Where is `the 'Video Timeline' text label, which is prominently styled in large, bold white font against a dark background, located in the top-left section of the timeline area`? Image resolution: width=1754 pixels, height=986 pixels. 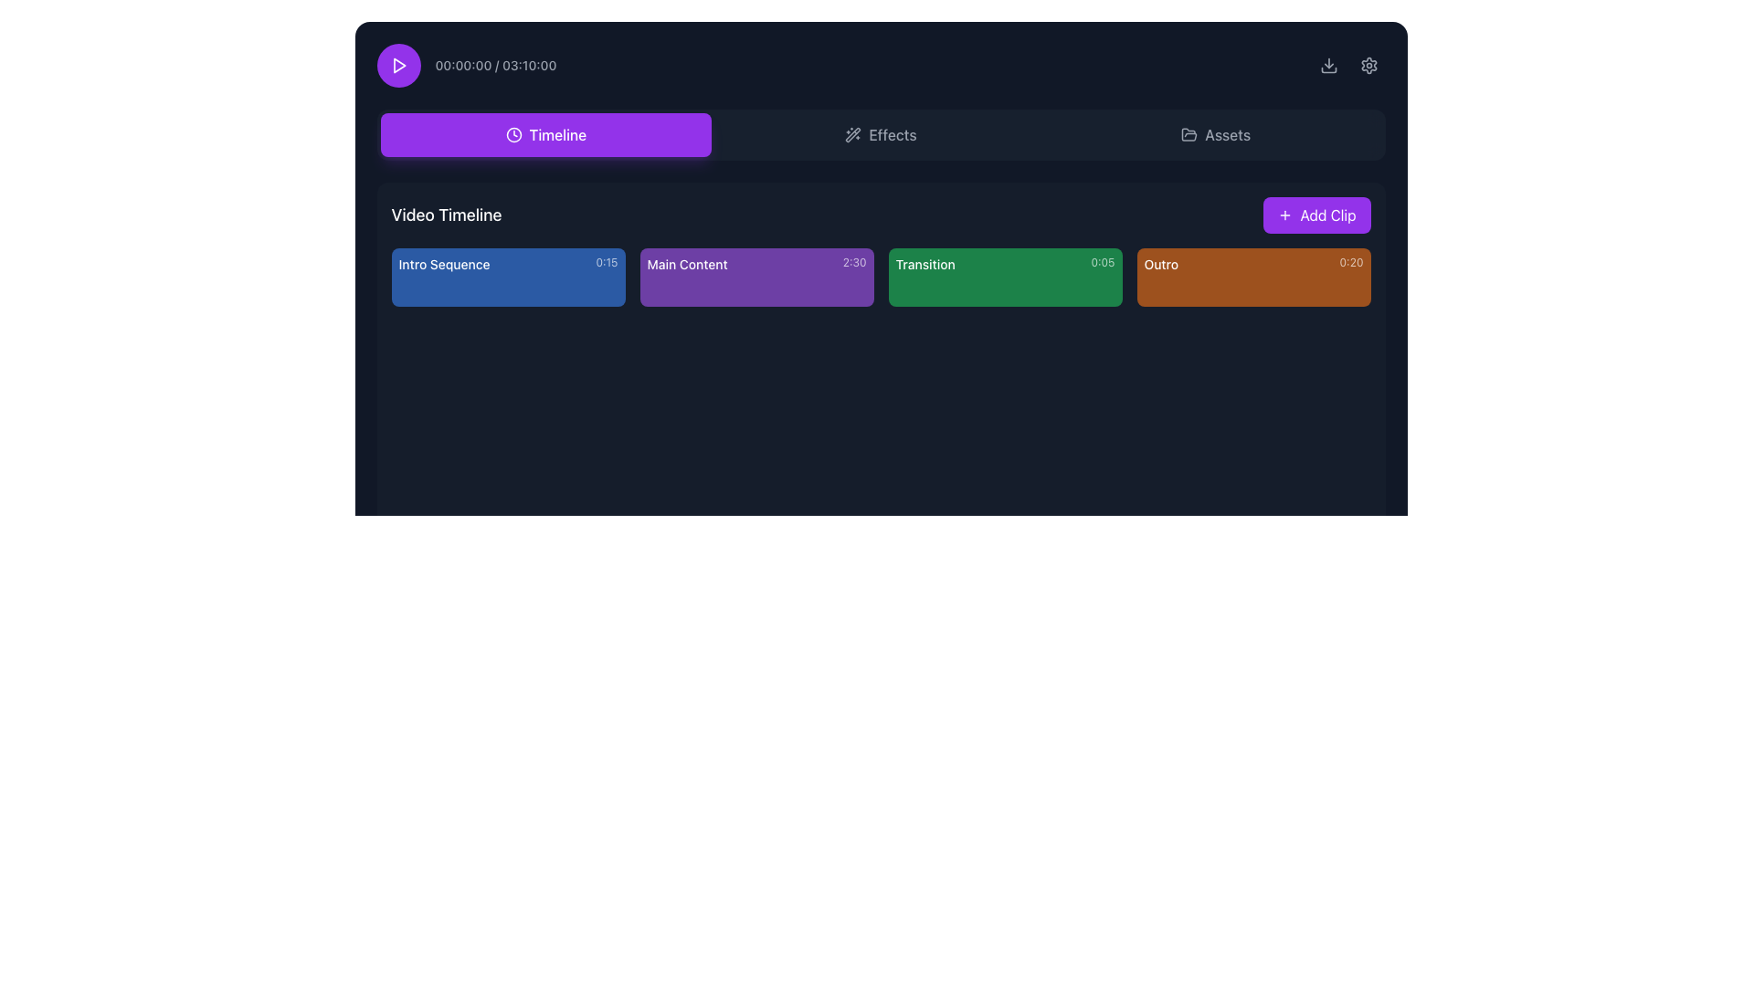
the 'Video Timeline' text label, which is prominently styled in large, bold white font against a dark background, located in the top-left section of the timeline area is located at coordinates (447, 214).